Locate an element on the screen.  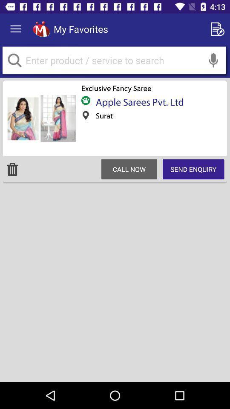
search option is located at coordinates (213, 60).